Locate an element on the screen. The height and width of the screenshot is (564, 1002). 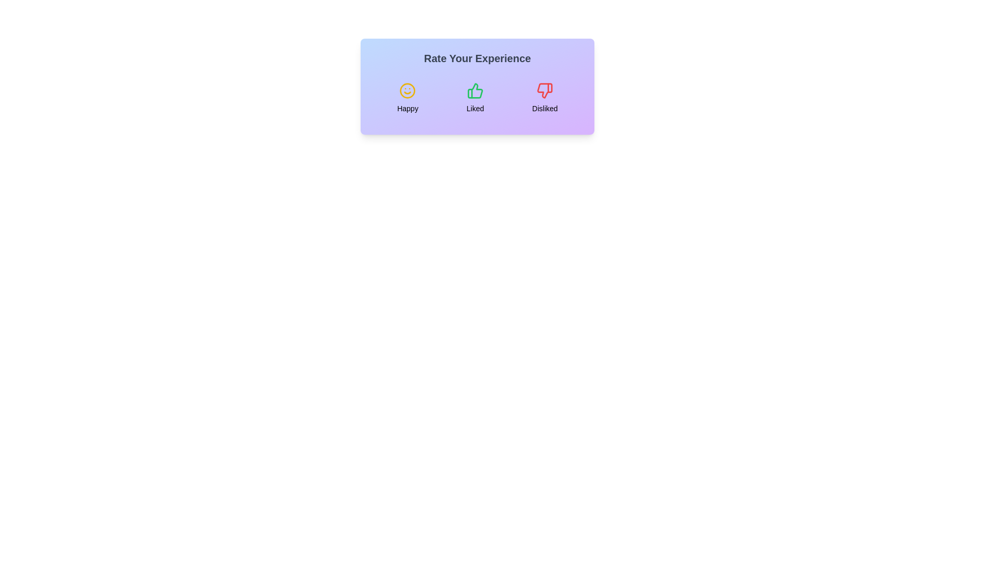
the 'Liked' button, which features a green thumbs-up icon above the text 'Liked', to register a 'liked' response is located at coordinates (474, 98).